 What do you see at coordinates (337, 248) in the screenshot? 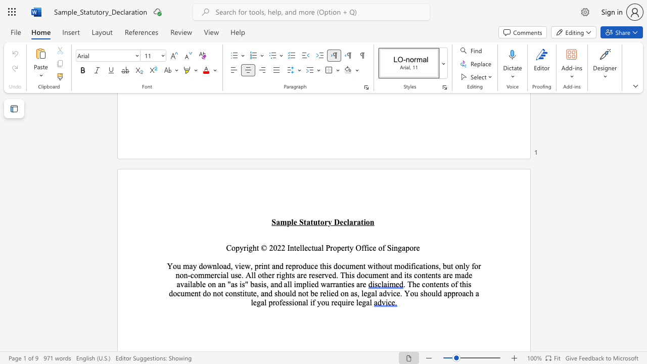
I see `the subset text "perty Off" within the text "Copyright © 2022 Intellectual Property Office of Singapore"` at bounding box center [337, 248].